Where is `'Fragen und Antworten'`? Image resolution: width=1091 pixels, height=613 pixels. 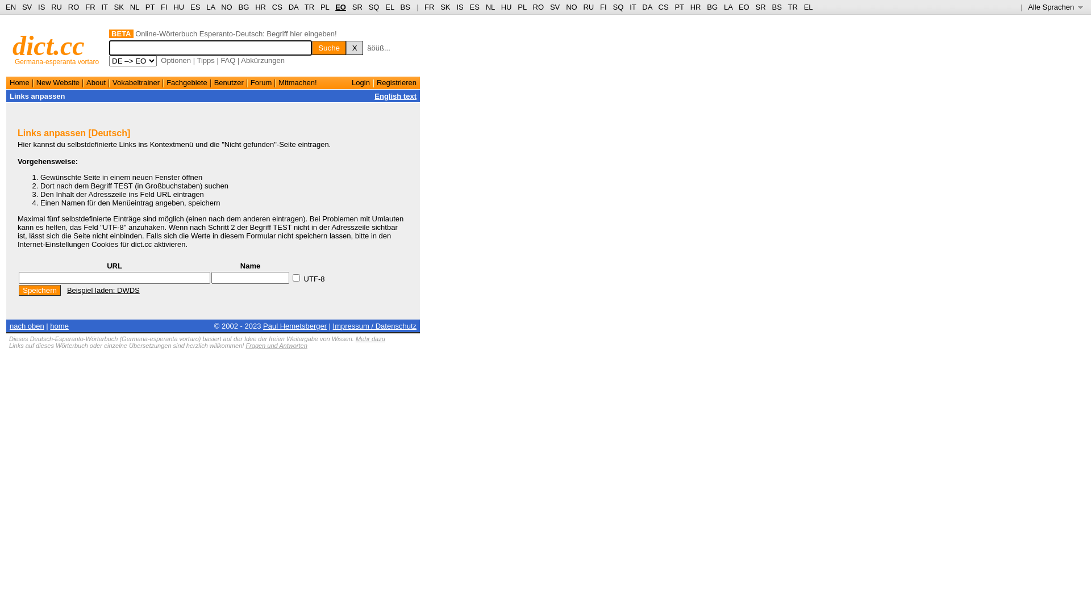 'Fragen und Antworten' is located at coordinates (276, 345).